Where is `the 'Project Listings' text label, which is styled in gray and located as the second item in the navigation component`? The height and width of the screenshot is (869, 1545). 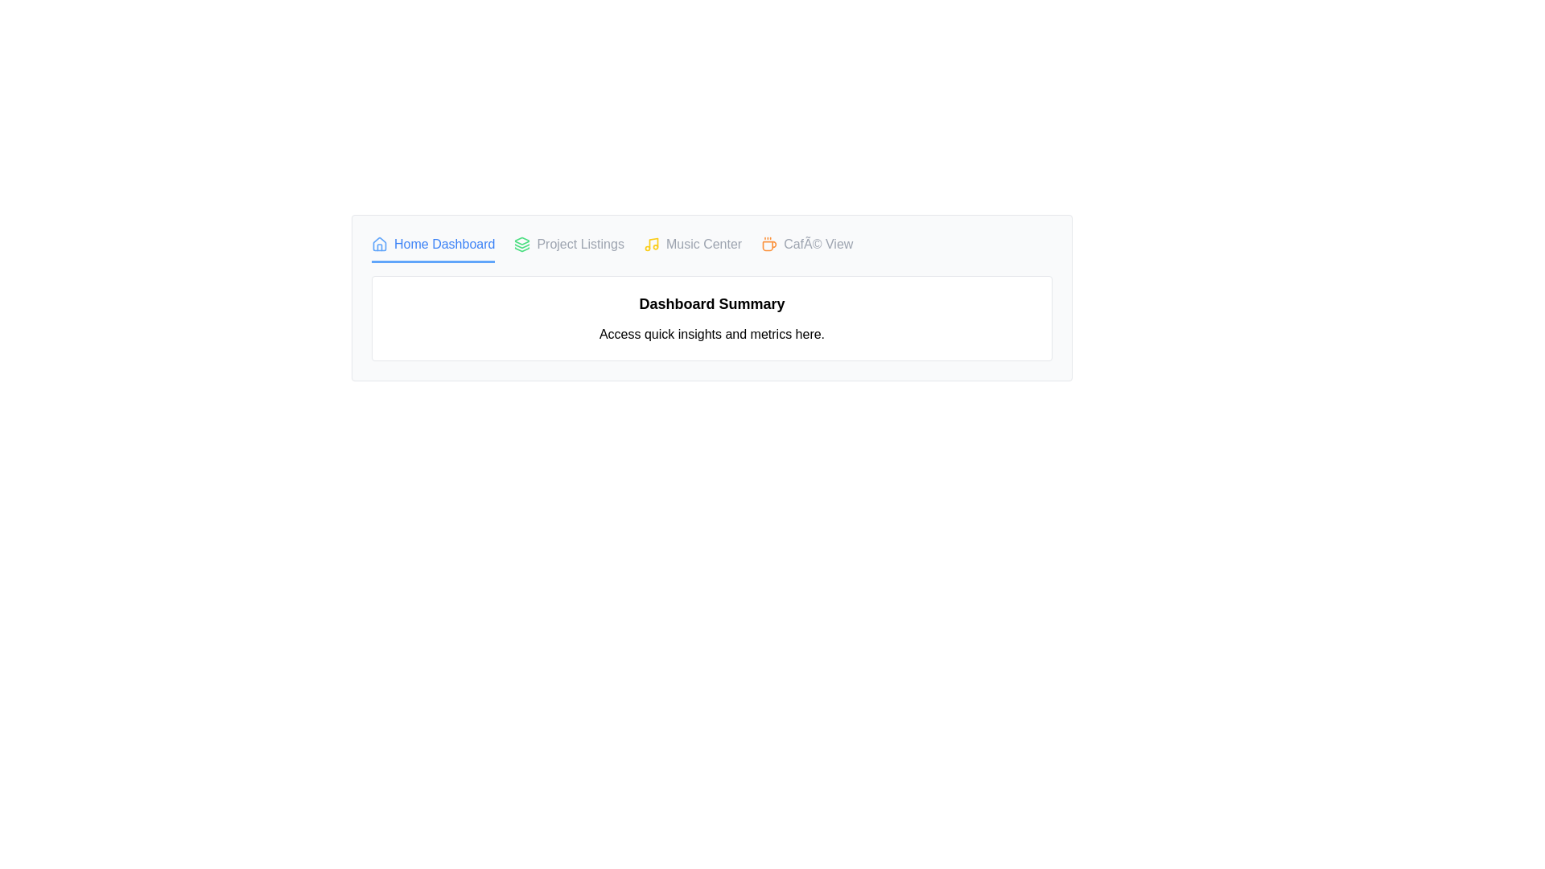 the 'Project Listings' text label, which is styled in gray and located as the second item in the navigation component is located at coordinates (579, 245).